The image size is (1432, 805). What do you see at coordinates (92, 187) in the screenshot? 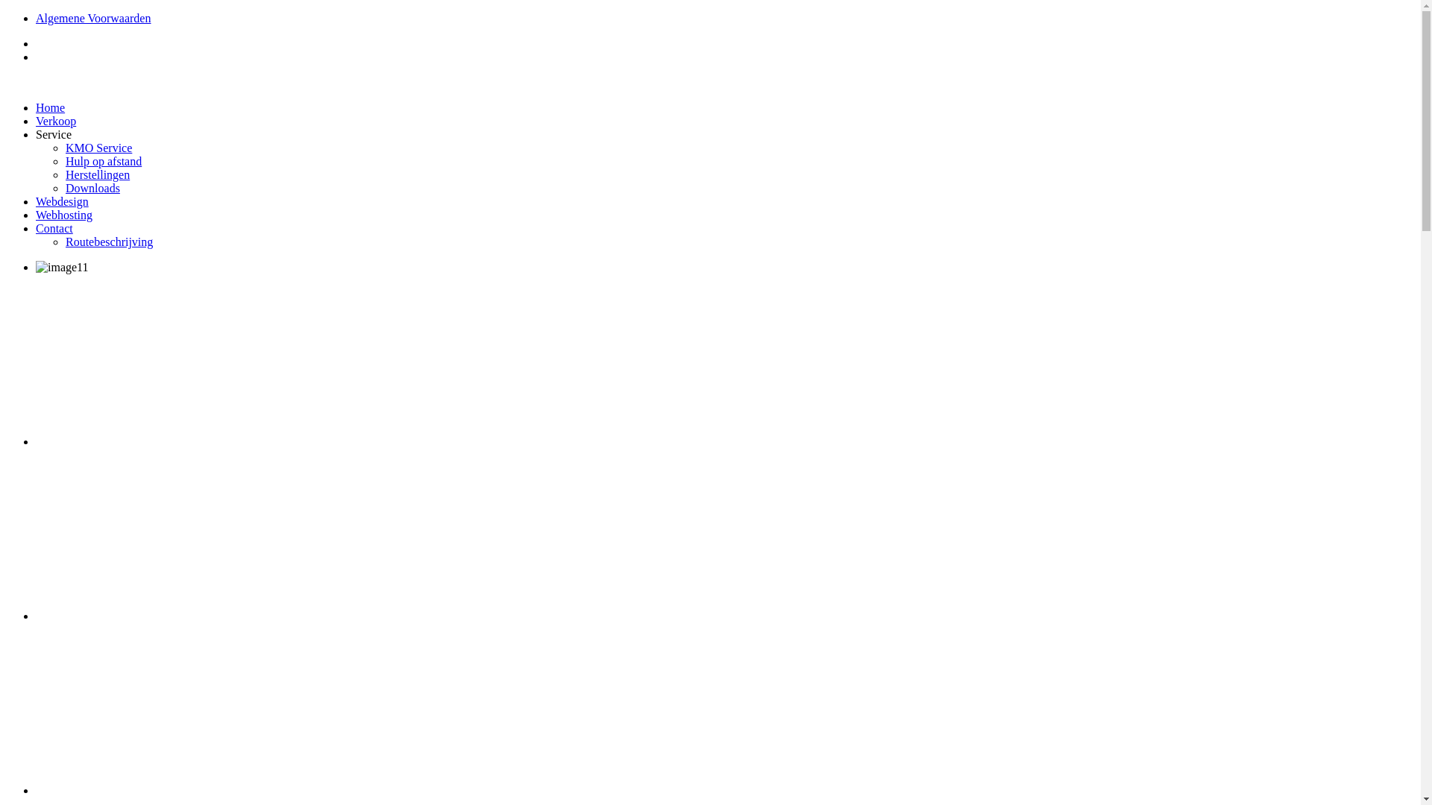
I see `'Downloads'` at bounding box center [92, 187].